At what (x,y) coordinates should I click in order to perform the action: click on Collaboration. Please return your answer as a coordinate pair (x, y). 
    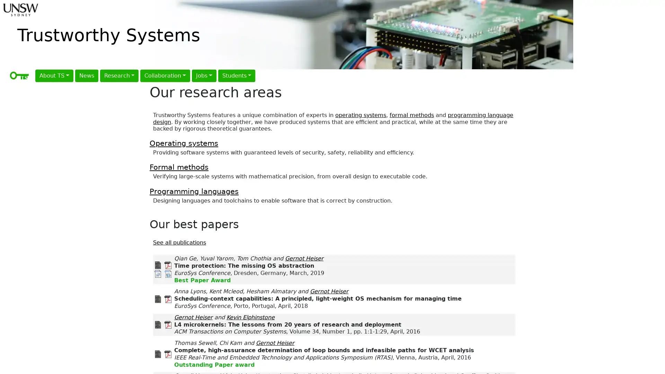
    Looking at the image, I should click on (165, 75).